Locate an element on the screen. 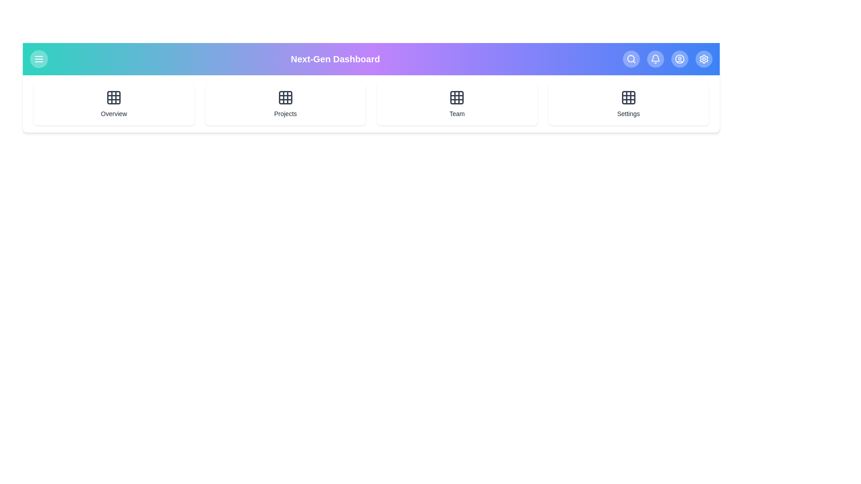  the grid item labeled Overview to navigate to that section is located at coordinates (113, 103).